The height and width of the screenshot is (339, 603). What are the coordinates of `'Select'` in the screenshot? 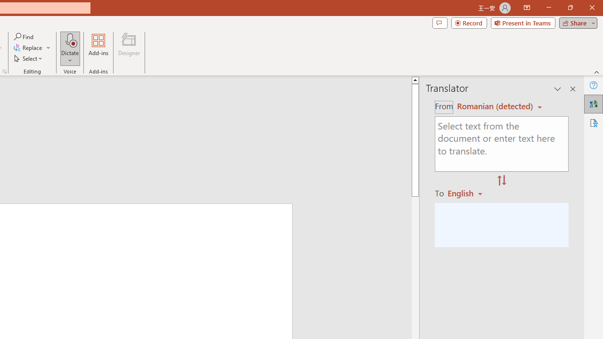 It's located at (29, 58).